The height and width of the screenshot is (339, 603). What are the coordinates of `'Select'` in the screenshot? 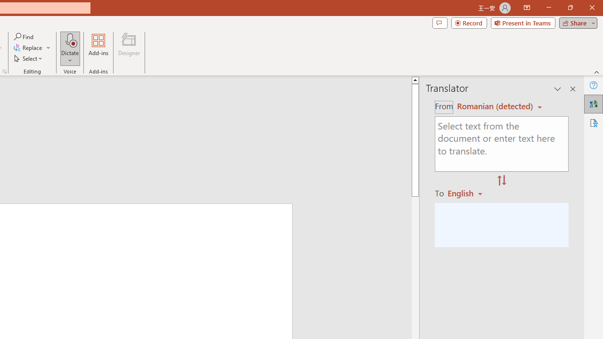 It's located at (29, 58).